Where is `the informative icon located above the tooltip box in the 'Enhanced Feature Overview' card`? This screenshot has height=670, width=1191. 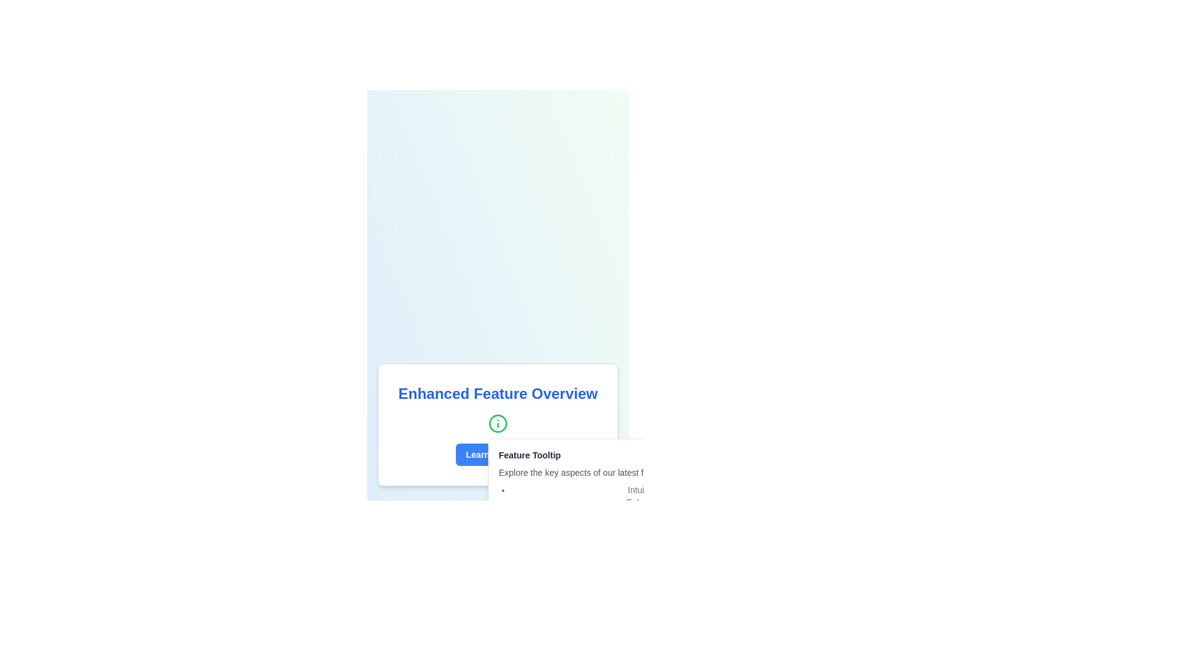 the informative icon located above the tooltip box in the 'Enhanced Feature Overview' card is located at coordinates (497, 422).